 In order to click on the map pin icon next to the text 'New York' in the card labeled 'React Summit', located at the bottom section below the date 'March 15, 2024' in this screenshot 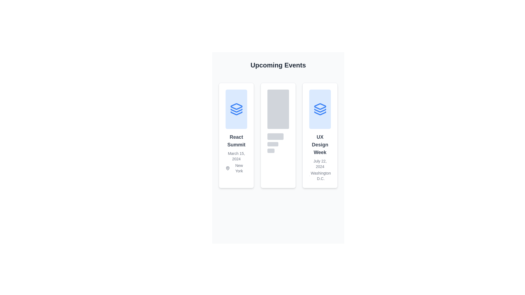, I will do `click(236, 168)`.